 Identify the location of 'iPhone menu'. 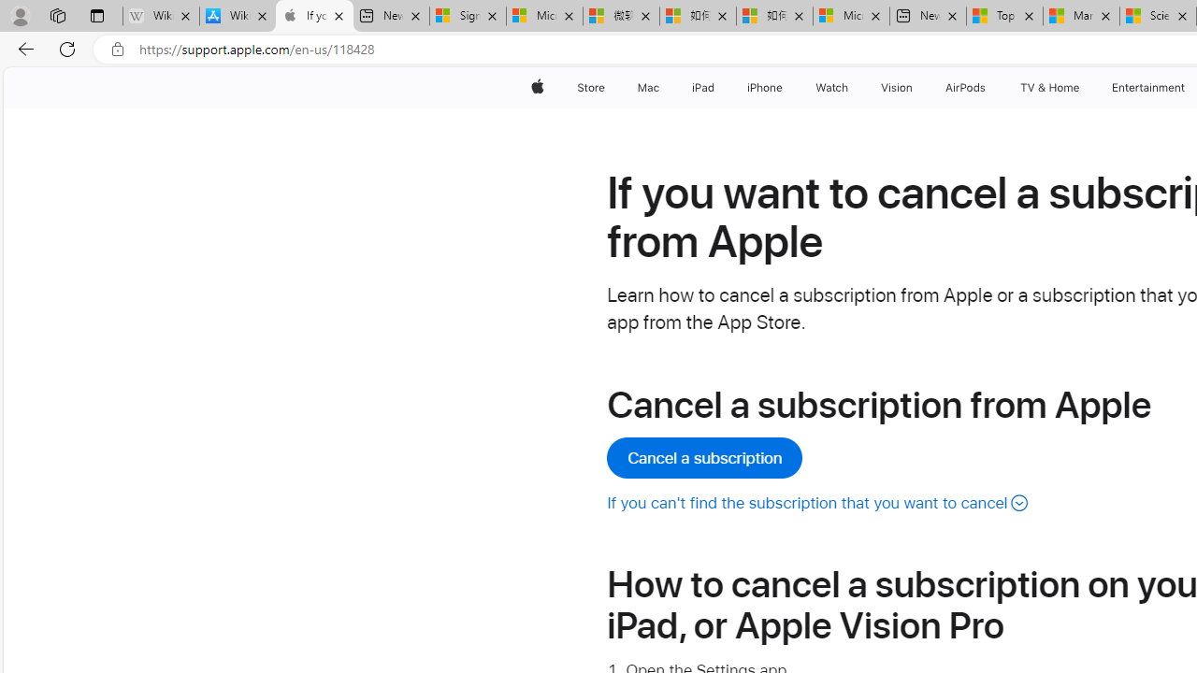
(786, 87).